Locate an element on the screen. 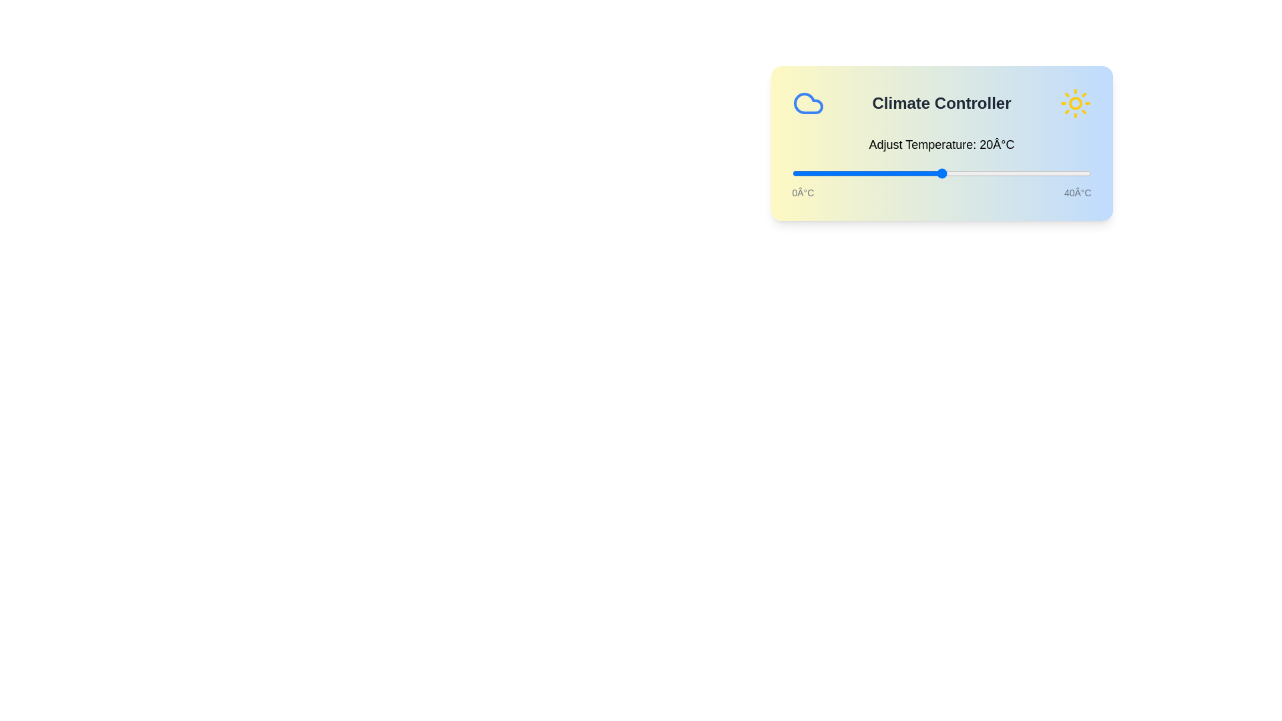 This screenshot has height=721, width=1282. the temperature to 6°C by moving the slider is located at coordinates (836, 172).